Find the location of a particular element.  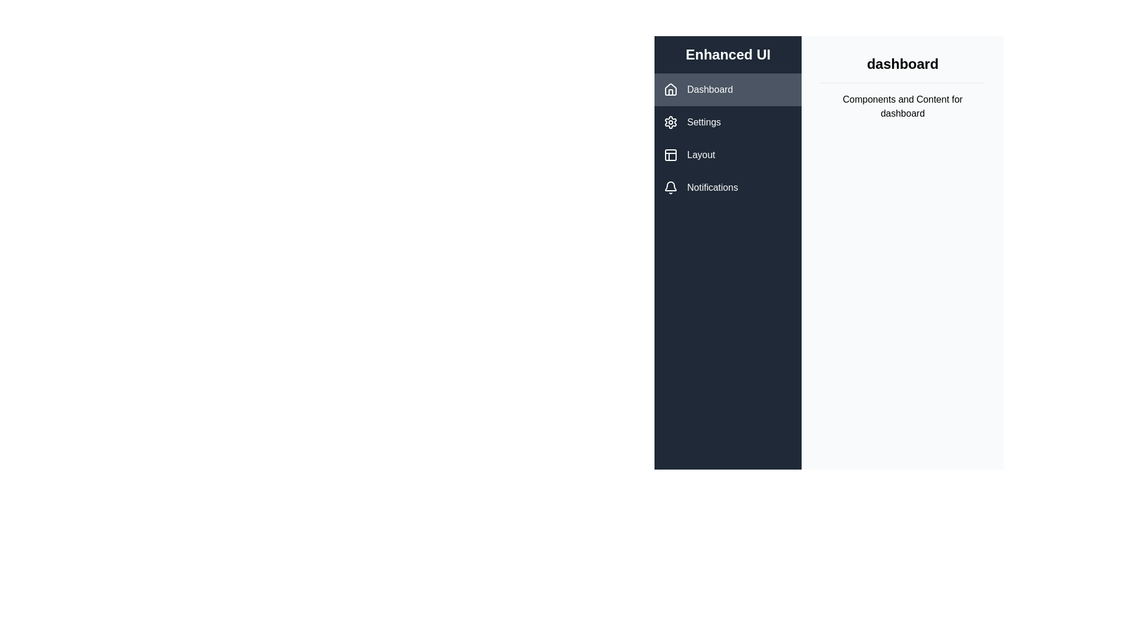

the sidebar button labeled Dashboard is located at coordinates (727, 89).